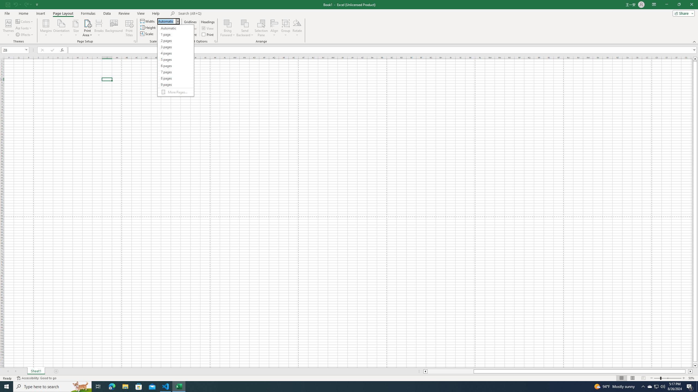 The image size is (698, 392). I want to click on 'Bring Forward', so click(228, 28).